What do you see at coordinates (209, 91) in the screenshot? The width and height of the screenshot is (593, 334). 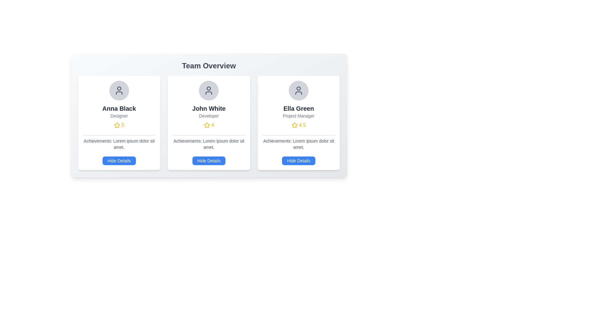 I see `the user icon represented by a simple outline of a person, styled in gray, located in the upper-central section of the middle card displaying 'John White'` at bounding box center [209, 91].